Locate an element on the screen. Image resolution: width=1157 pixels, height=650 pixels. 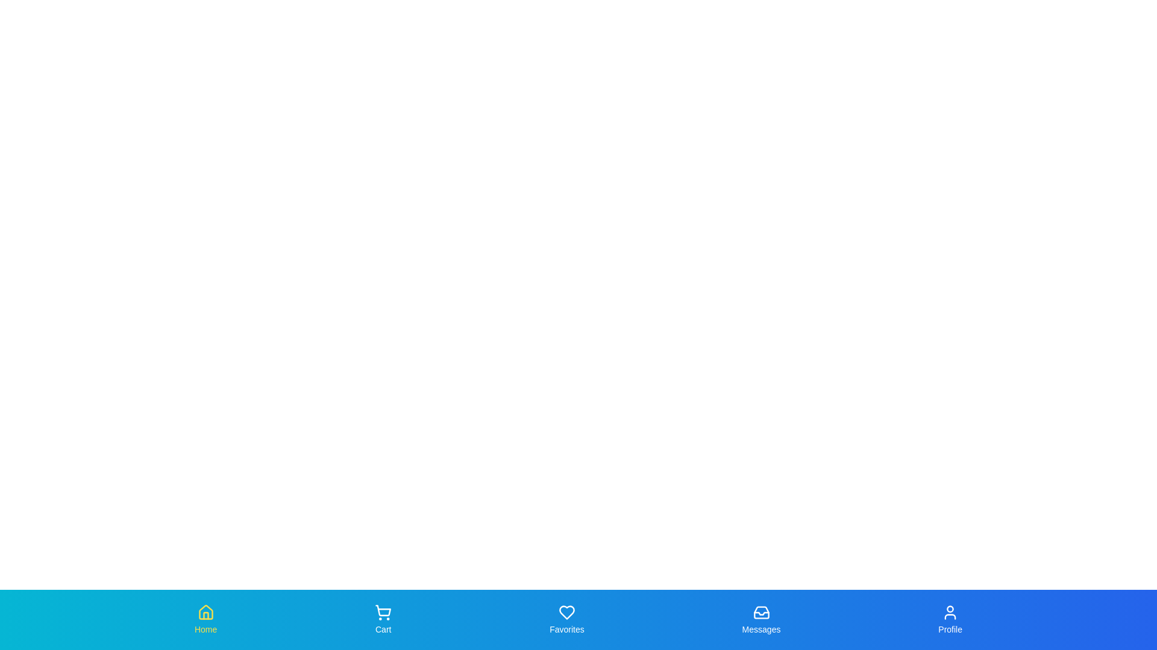
the tab labeled Messages by clicking on it is located at coordinates (760, 619).